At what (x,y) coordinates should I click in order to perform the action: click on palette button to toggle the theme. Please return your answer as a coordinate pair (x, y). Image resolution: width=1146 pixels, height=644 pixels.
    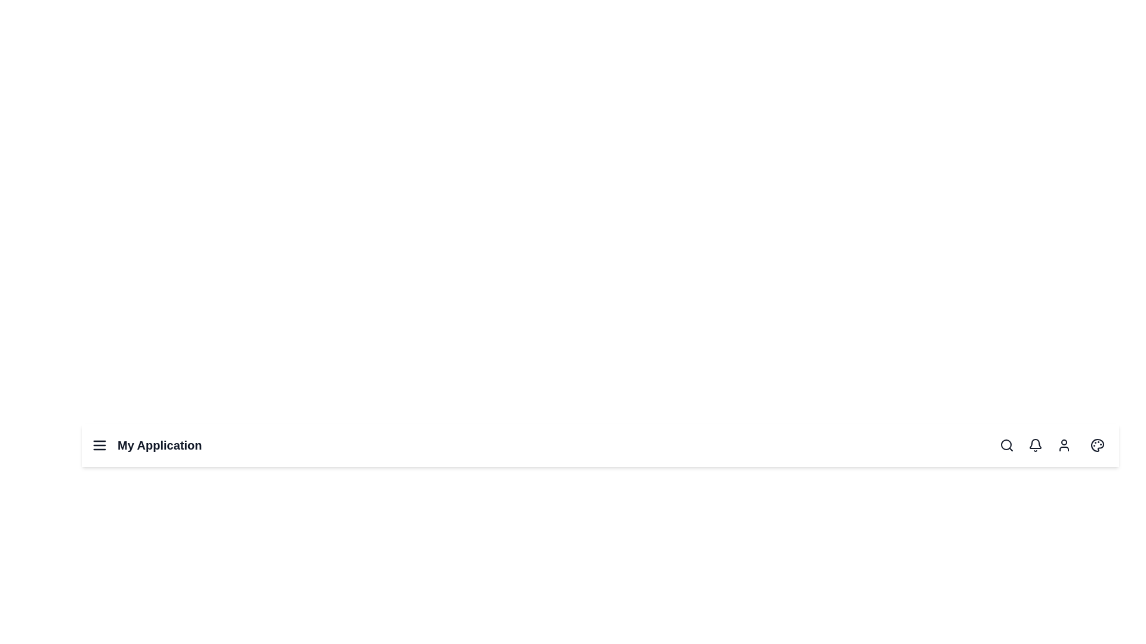
    Looking at the image, I should click on (1097, 445).